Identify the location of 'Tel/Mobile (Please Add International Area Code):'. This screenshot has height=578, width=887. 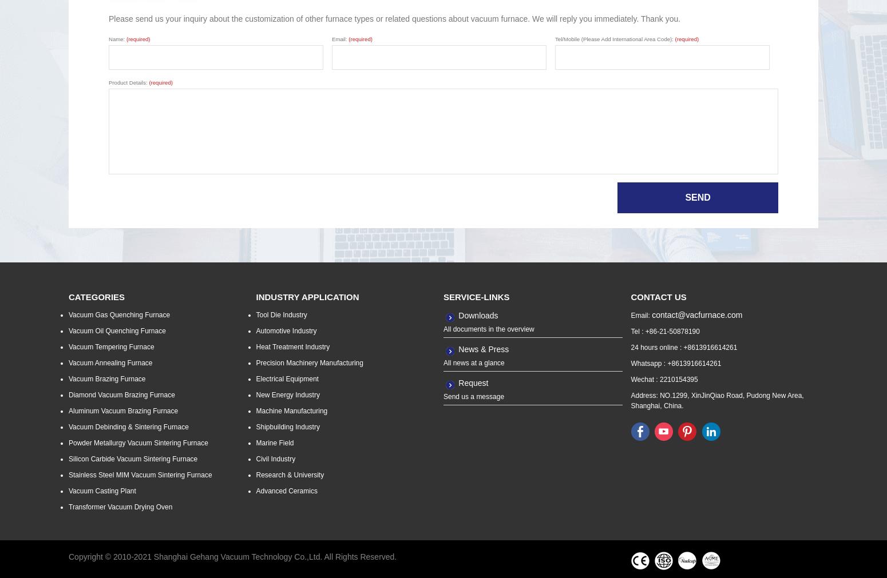
(615, 38).